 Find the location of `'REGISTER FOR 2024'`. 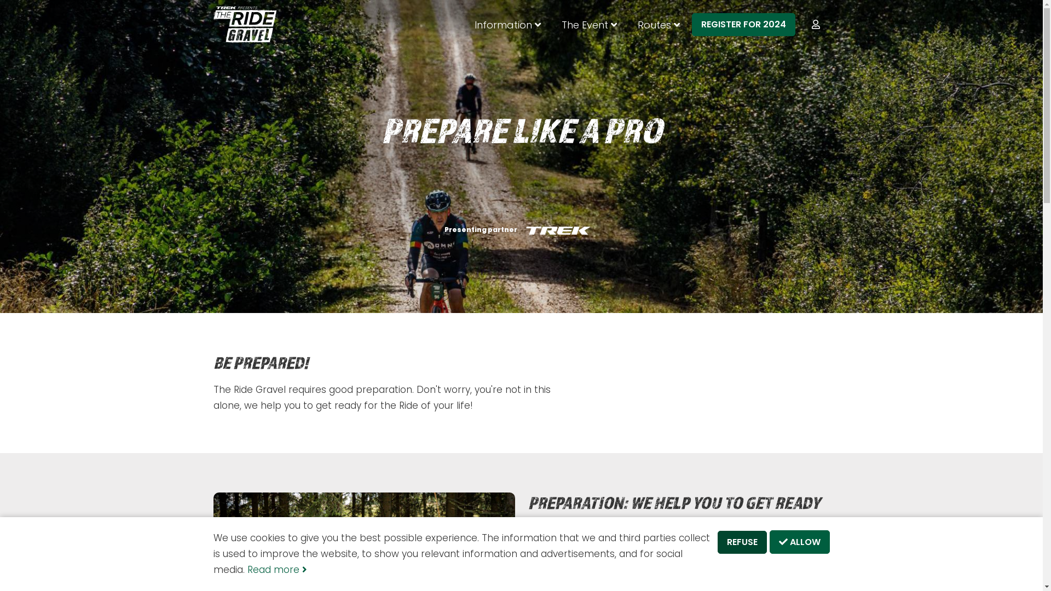

'REGISTER FOR 2024' is located at coordinates (743, 25).